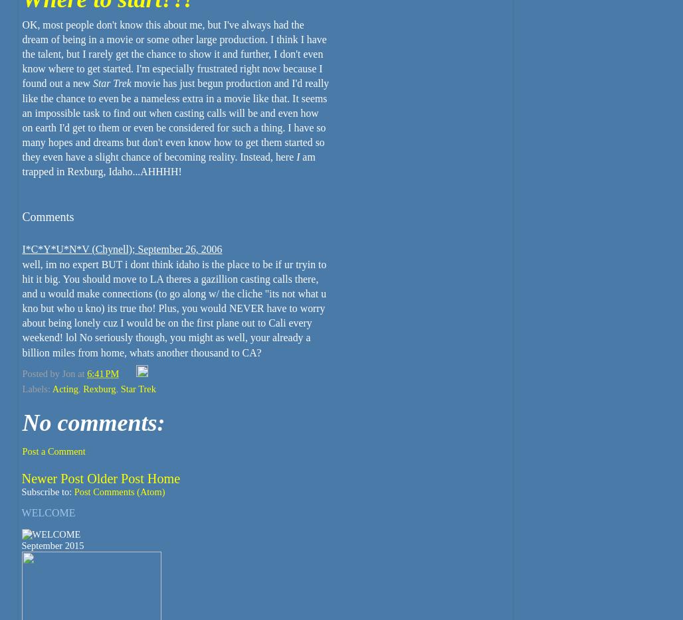 The height and width of the screenshot is (620, 683). What do you see at coordinates (174, 53) in the screenshot?
I see `'OK, most people don't know this about me, but I've always had the dream of being in a movie or some other large production.  I think I have the talent, but I rarely get the chance to show it and further, I don't even know where to get started.  I'm especially frustrated right now because I found out a new'` at bounding box center [174, 53].